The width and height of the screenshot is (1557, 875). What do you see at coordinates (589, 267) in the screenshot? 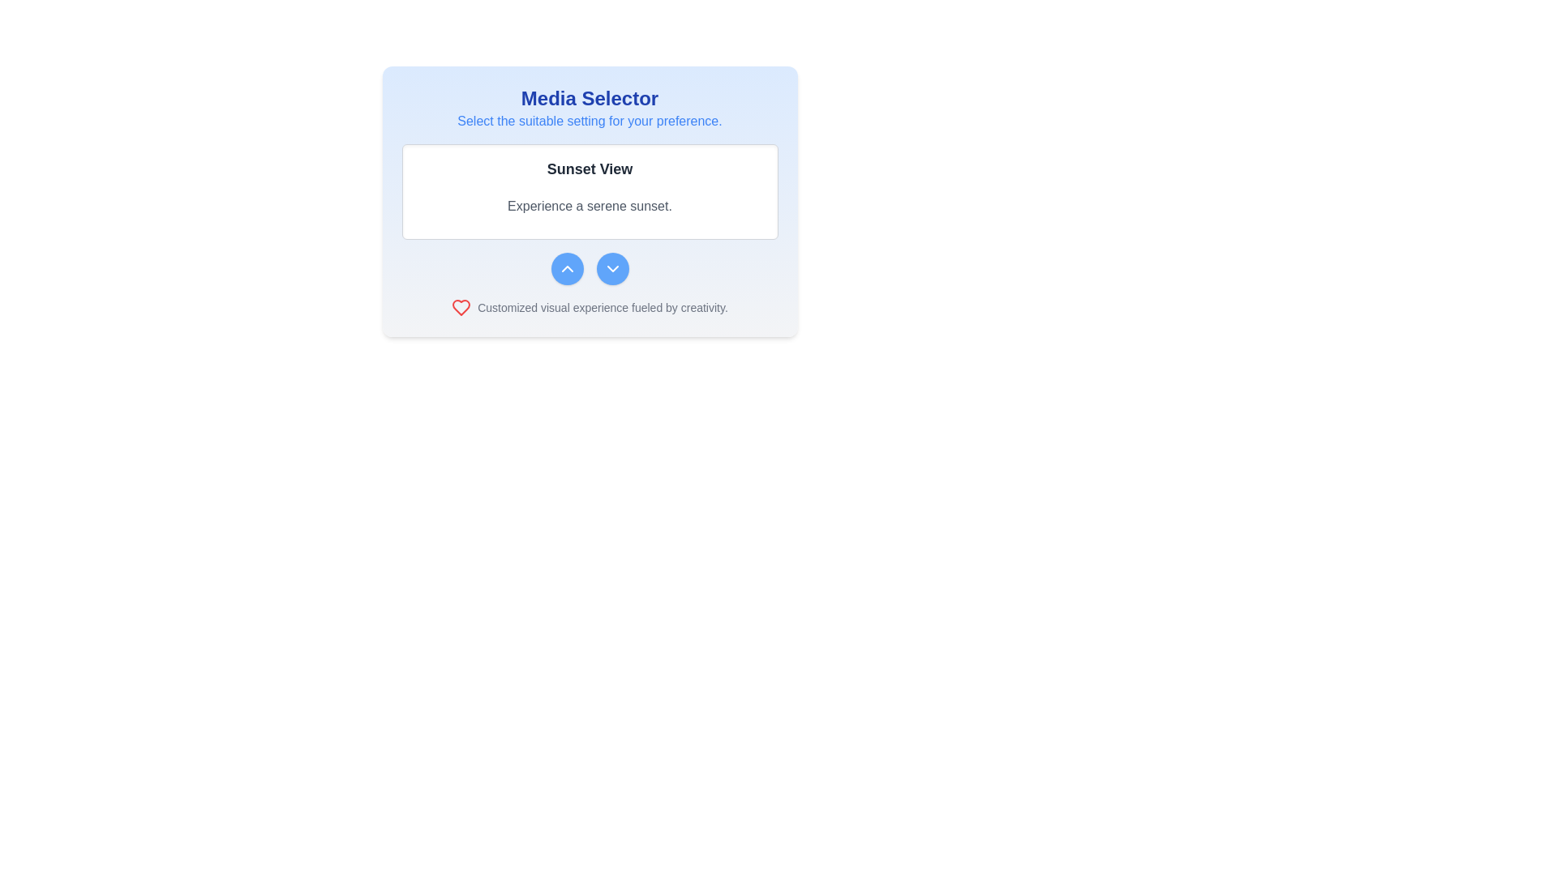
I see `the upward arrow button of the interactive button pair located below the 'Sunset View' title to increment a value` at bounding box center [589, 267].